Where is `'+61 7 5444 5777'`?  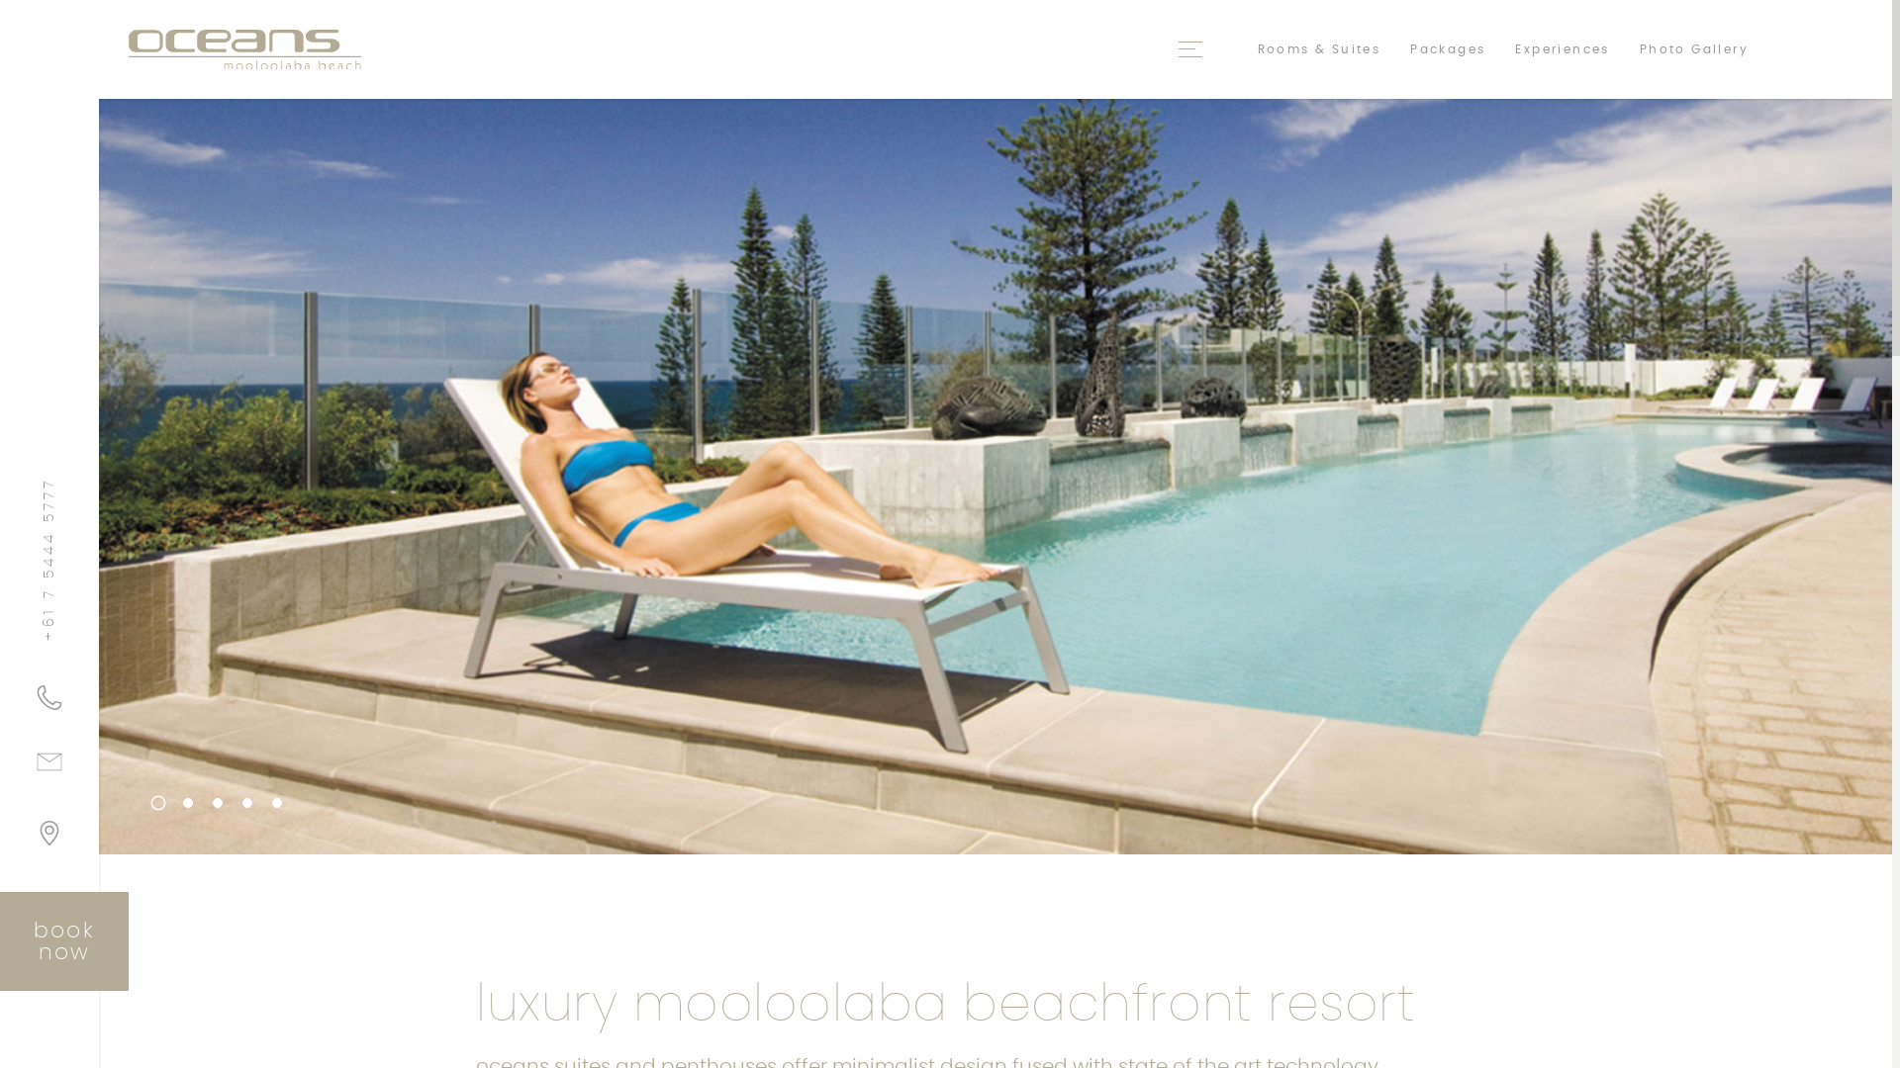
'+61 7 5444 5777' is located at coordinates (49, 696).